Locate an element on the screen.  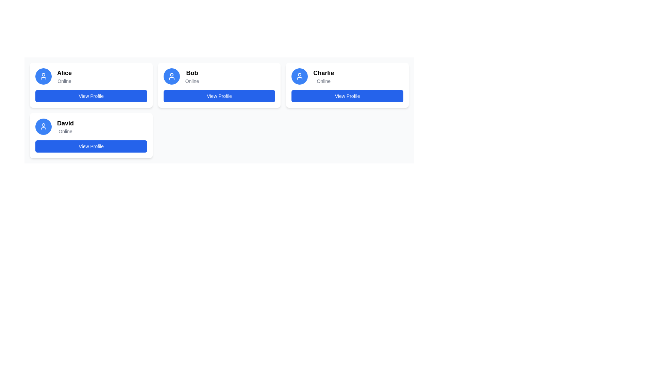
the user icon representing 'David', which is a vector graphic consisting of a circular head and upper body outline, displayed in white against a blue circular background is located at coordinates (43, 127).